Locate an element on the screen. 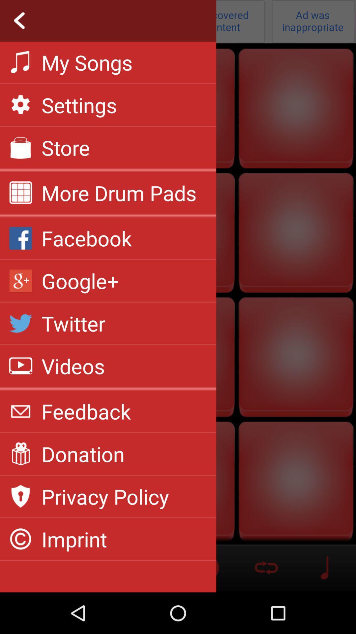 The image size is (356, 634). the item above google+ app is located at coordinates (86, 238).